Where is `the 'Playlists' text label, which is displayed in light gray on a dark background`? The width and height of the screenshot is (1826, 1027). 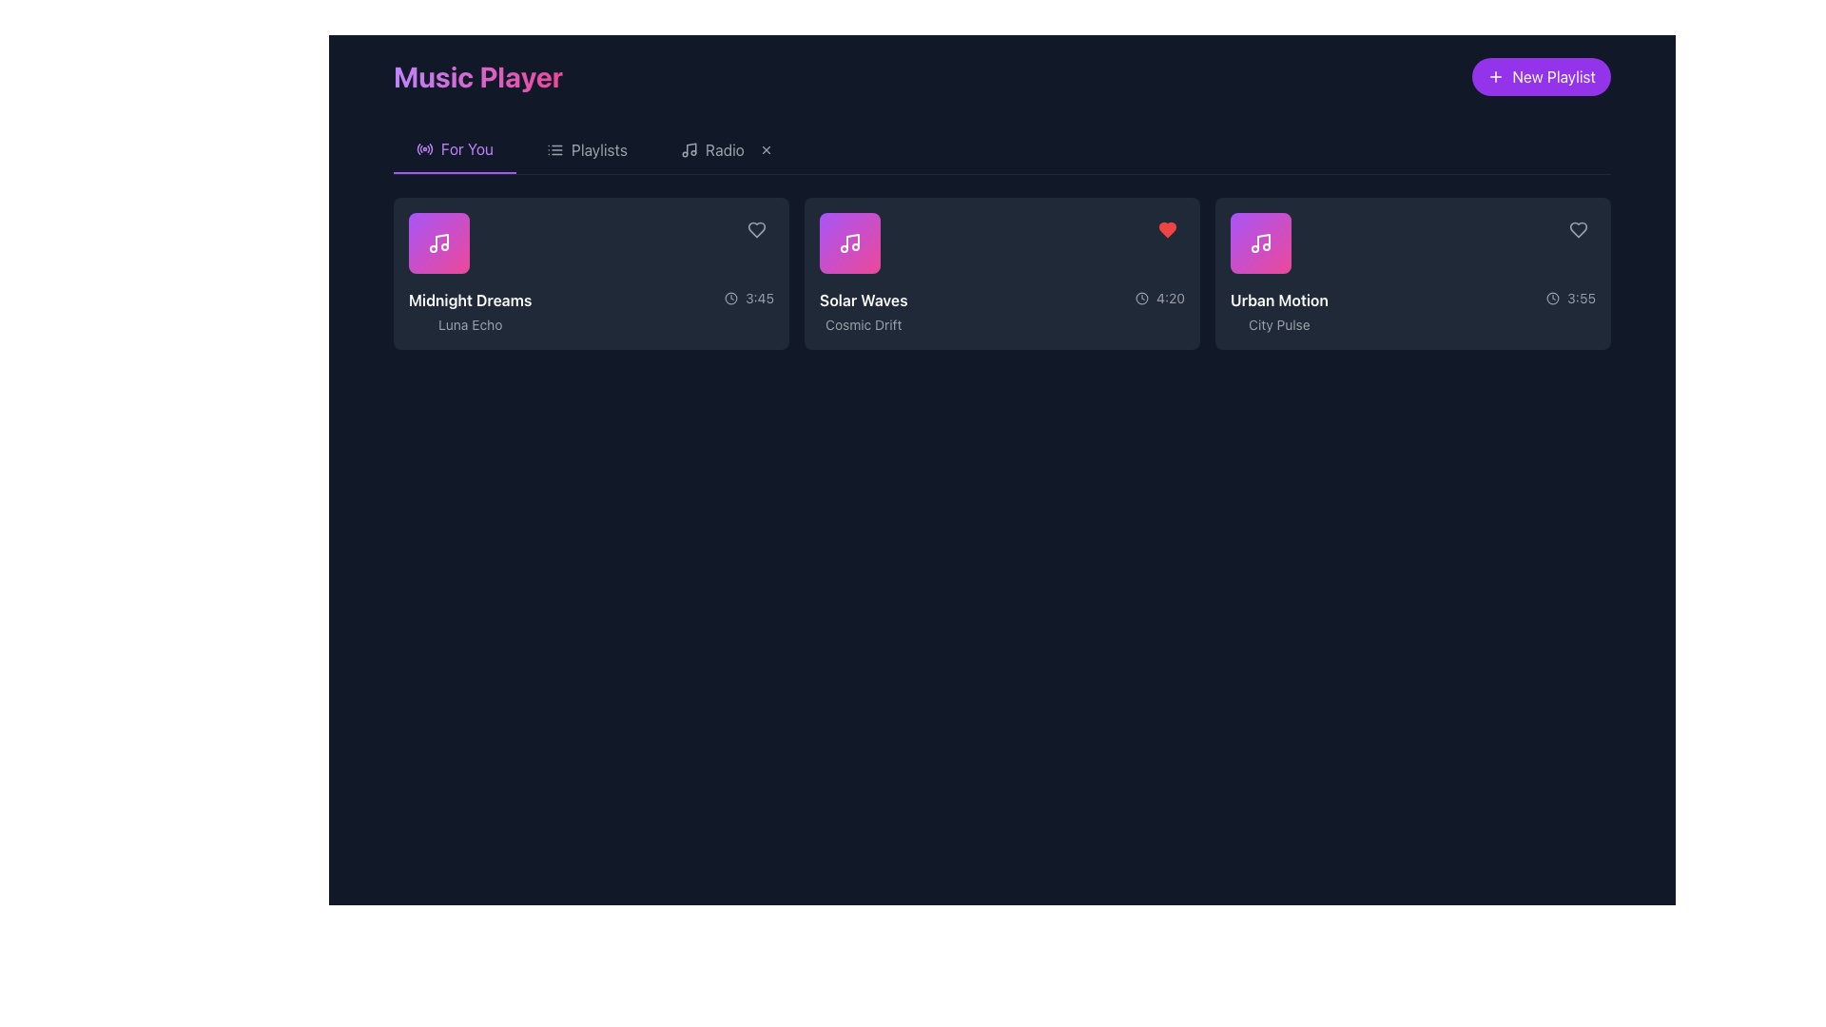
the 'Playlists' text label, which is displayed in light gray on a dark background is located at coordinates (598, 149).